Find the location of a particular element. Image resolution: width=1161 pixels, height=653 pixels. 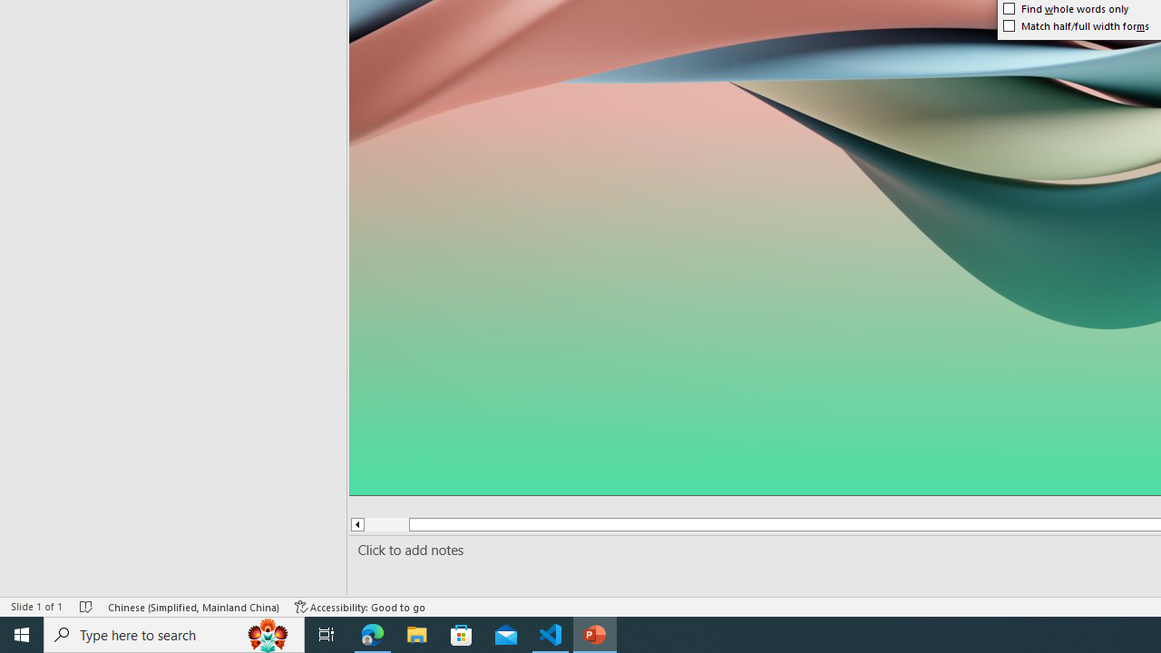

'Match half/full width forms' is located at coordinates (1077, 25).